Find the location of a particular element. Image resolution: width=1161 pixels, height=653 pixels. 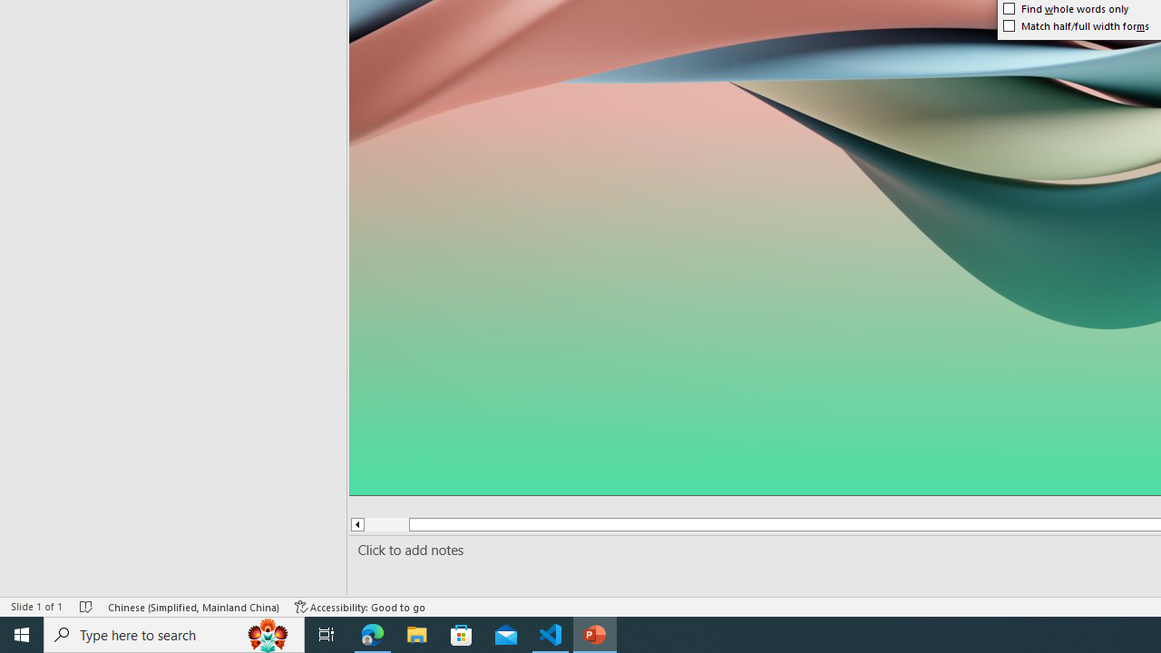

'Match half/full width forms' is located at coordinates (1077, 25).